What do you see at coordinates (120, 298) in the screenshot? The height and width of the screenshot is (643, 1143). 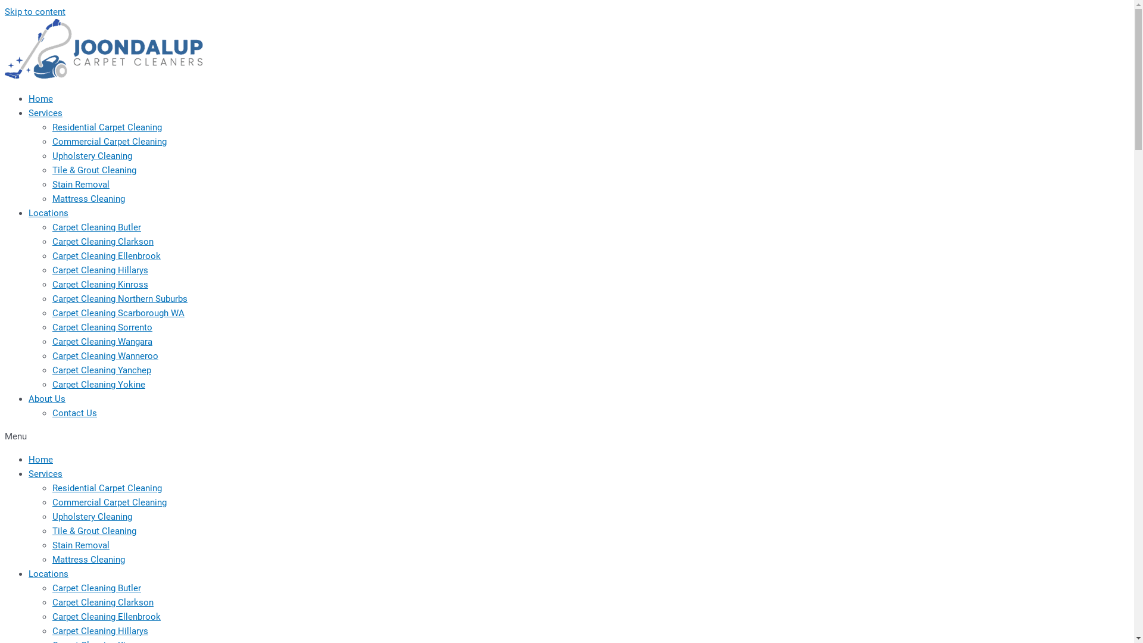 I see `'Carpet Cleaning Northern Suburbs'` at bounding box center [120, 298].